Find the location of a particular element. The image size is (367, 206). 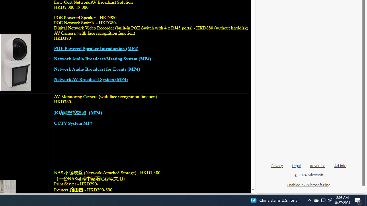

'Network Audio Broadcast for Events (MP4) ' is located at coordinates (97, 69).